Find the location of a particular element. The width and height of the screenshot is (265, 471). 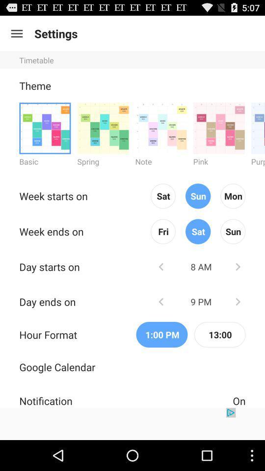

select is located at coordinates (258, 128).